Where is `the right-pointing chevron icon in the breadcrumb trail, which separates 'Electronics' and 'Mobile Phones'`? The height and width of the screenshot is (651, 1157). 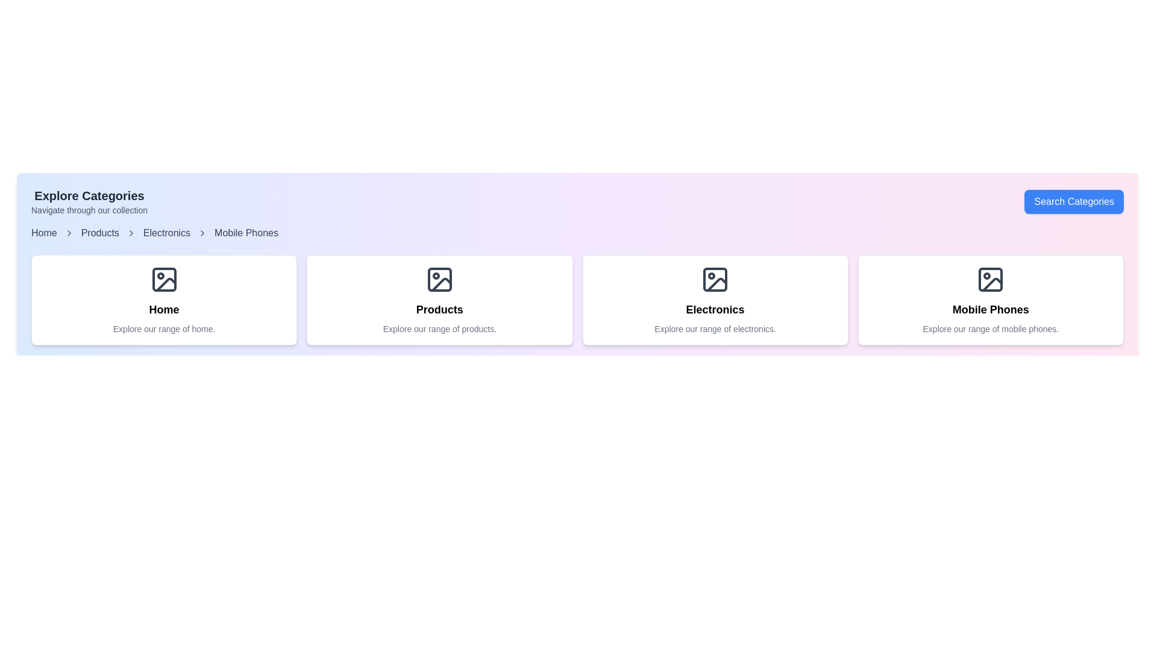
the right-pointing chevron icon in the breadcrumb trail, which separates 'Electronics' and 'Mobile Phones' is located at coordinates (202, 233).